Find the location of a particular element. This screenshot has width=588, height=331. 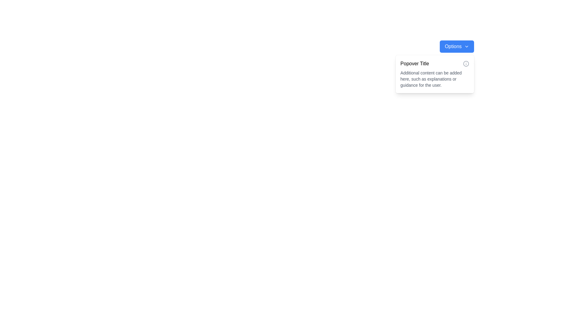

the dropdown trigger button located at the top-right area of the interface is located at coordinates (457, 46).